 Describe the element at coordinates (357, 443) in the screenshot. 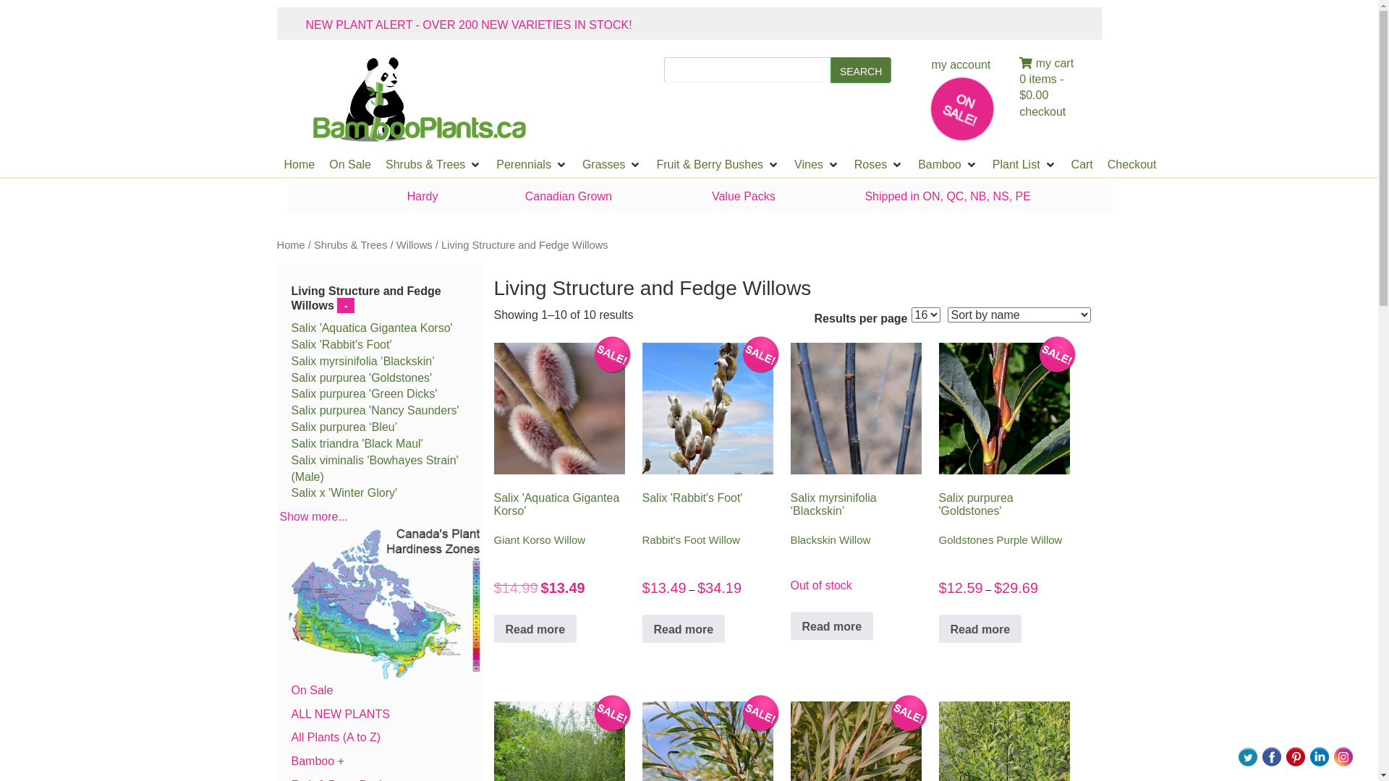

I see `'Salix triandra 'Black Maul''` at that location.